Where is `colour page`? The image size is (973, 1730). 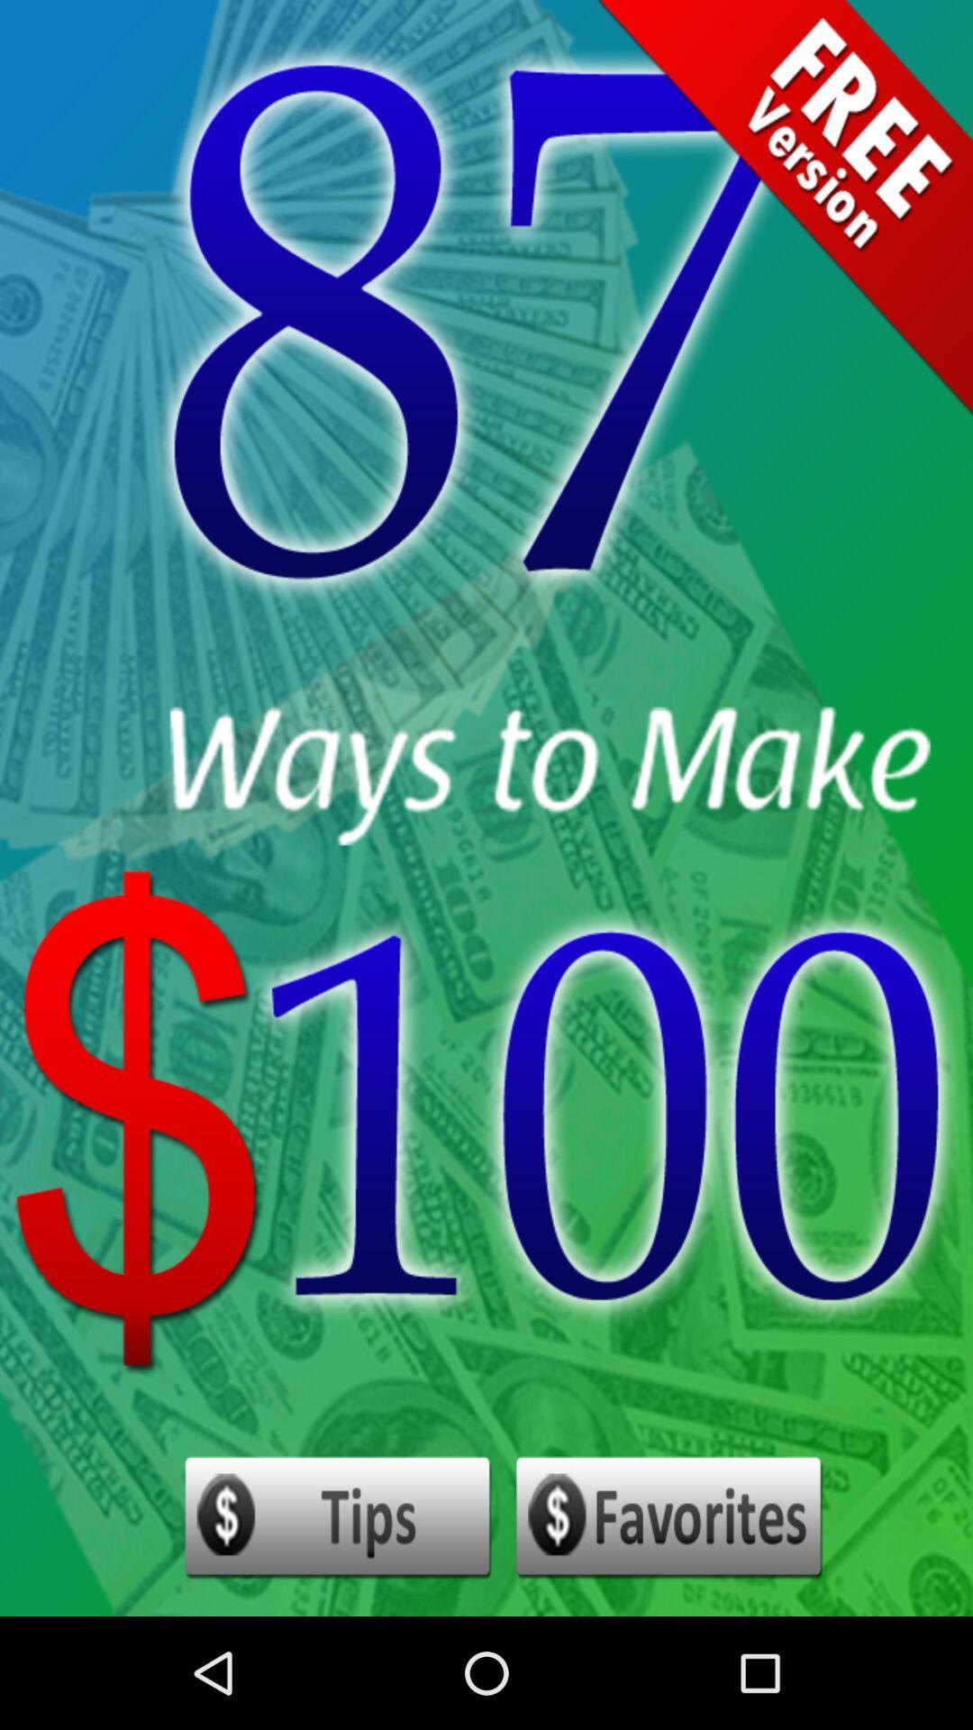
colour page is located at coordinates (669, 1517).